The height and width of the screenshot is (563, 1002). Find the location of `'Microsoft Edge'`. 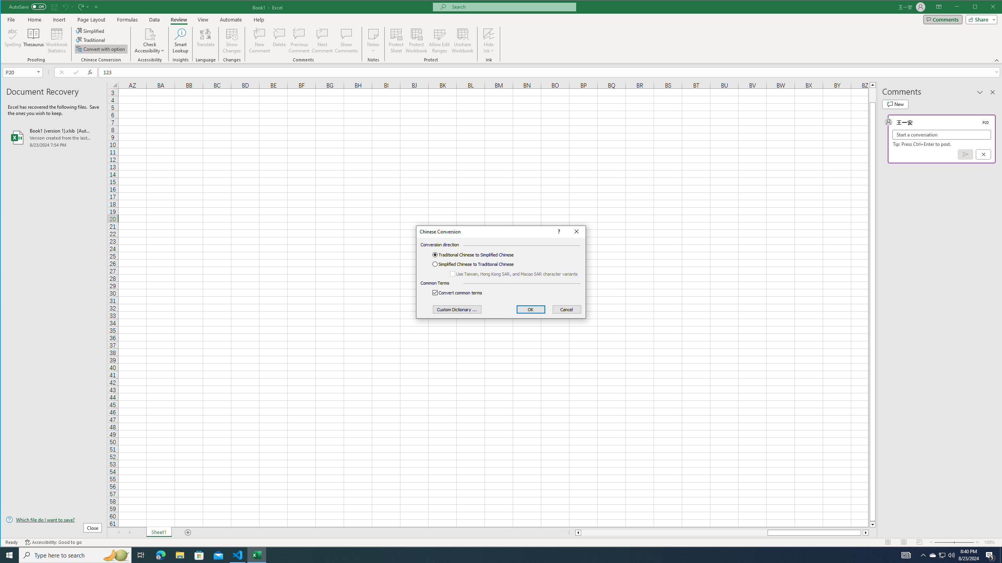

'Microsoft Edge' is located at coordinates (160, 554).